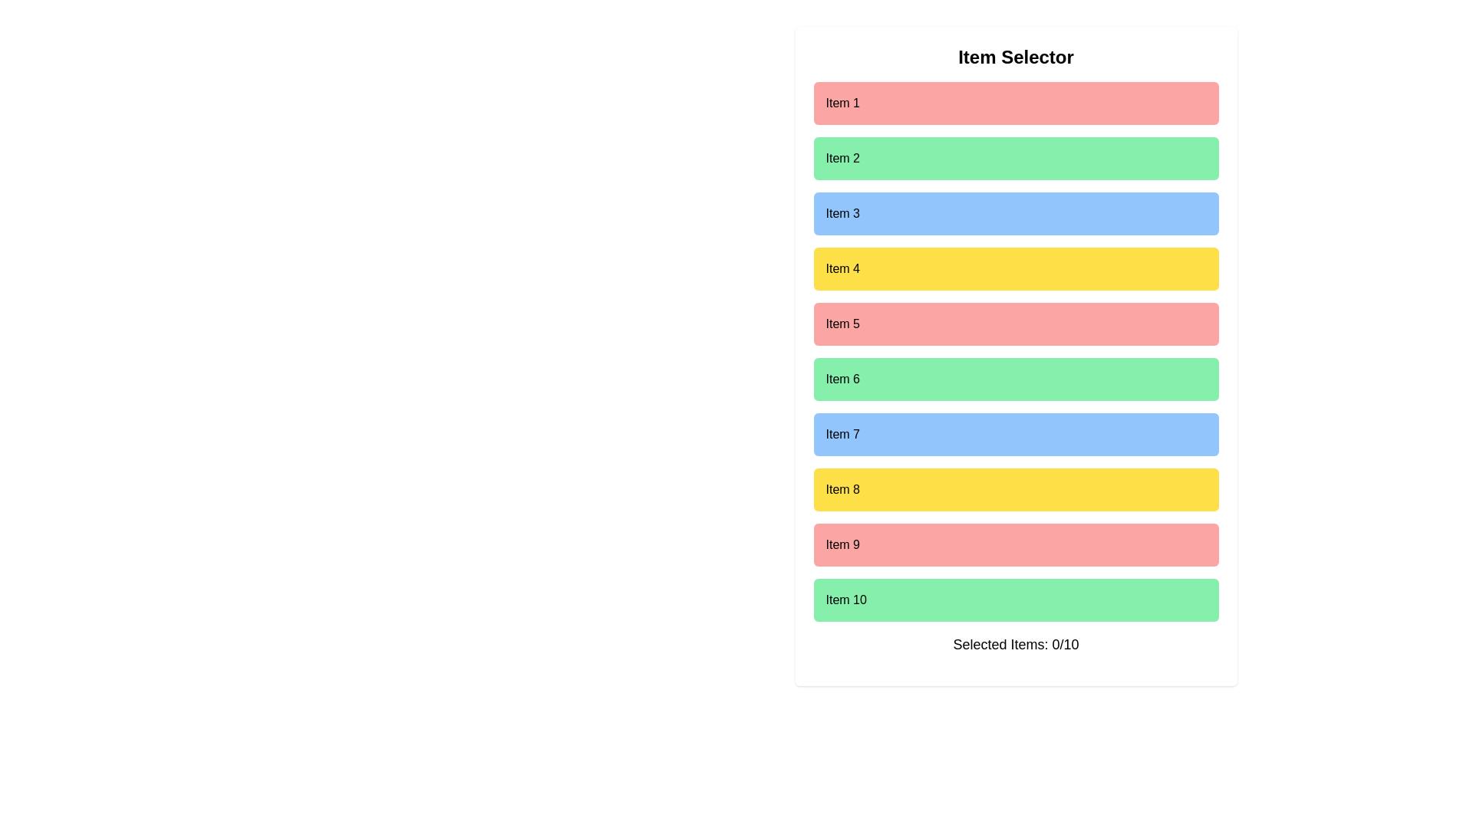 This screenshot has width=1473, height=828. Describe the element at coordinates (1016, 56) in the screenshot. I see `the text label that serves as the title for the item selection module to trigger a tooltip or visual change` at that location.